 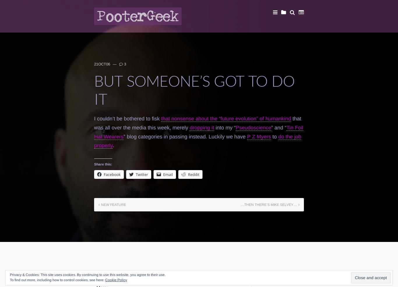 I want to click on '.', so click(x=113, y=145).